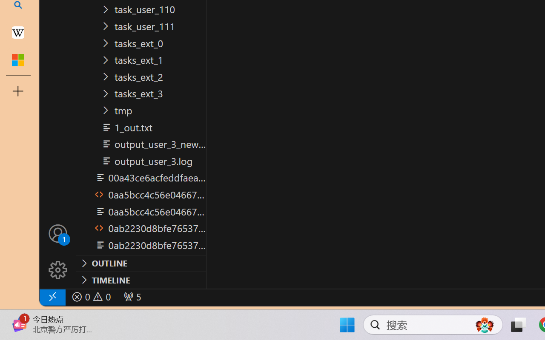 The height and width of the screenshot is (340, 545). What do you see at coordinates (131, 297) in the screenshot?
I see `'Forwarded Ports: 36301, 47065, 38781, 45817, 50331'` at bounding box center [131, 297].